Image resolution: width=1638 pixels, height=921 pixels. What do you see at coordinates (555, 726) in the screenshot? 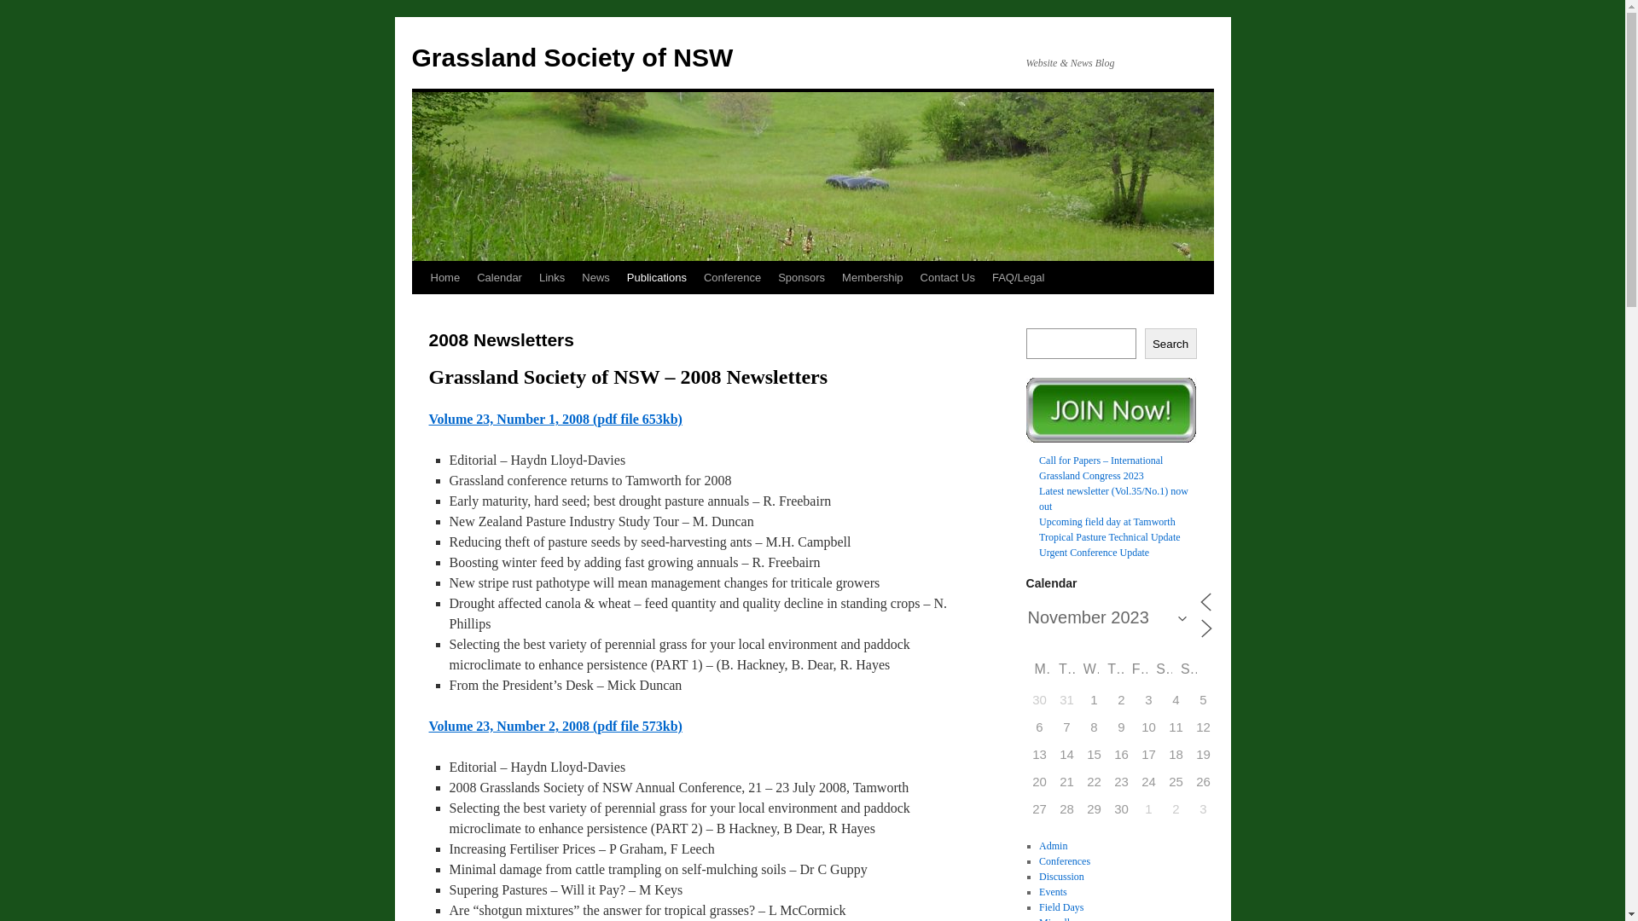
I see `'Volume 23, Number 2, 2008 (pdf file 573kb)'` at bounding box center [555, 726].